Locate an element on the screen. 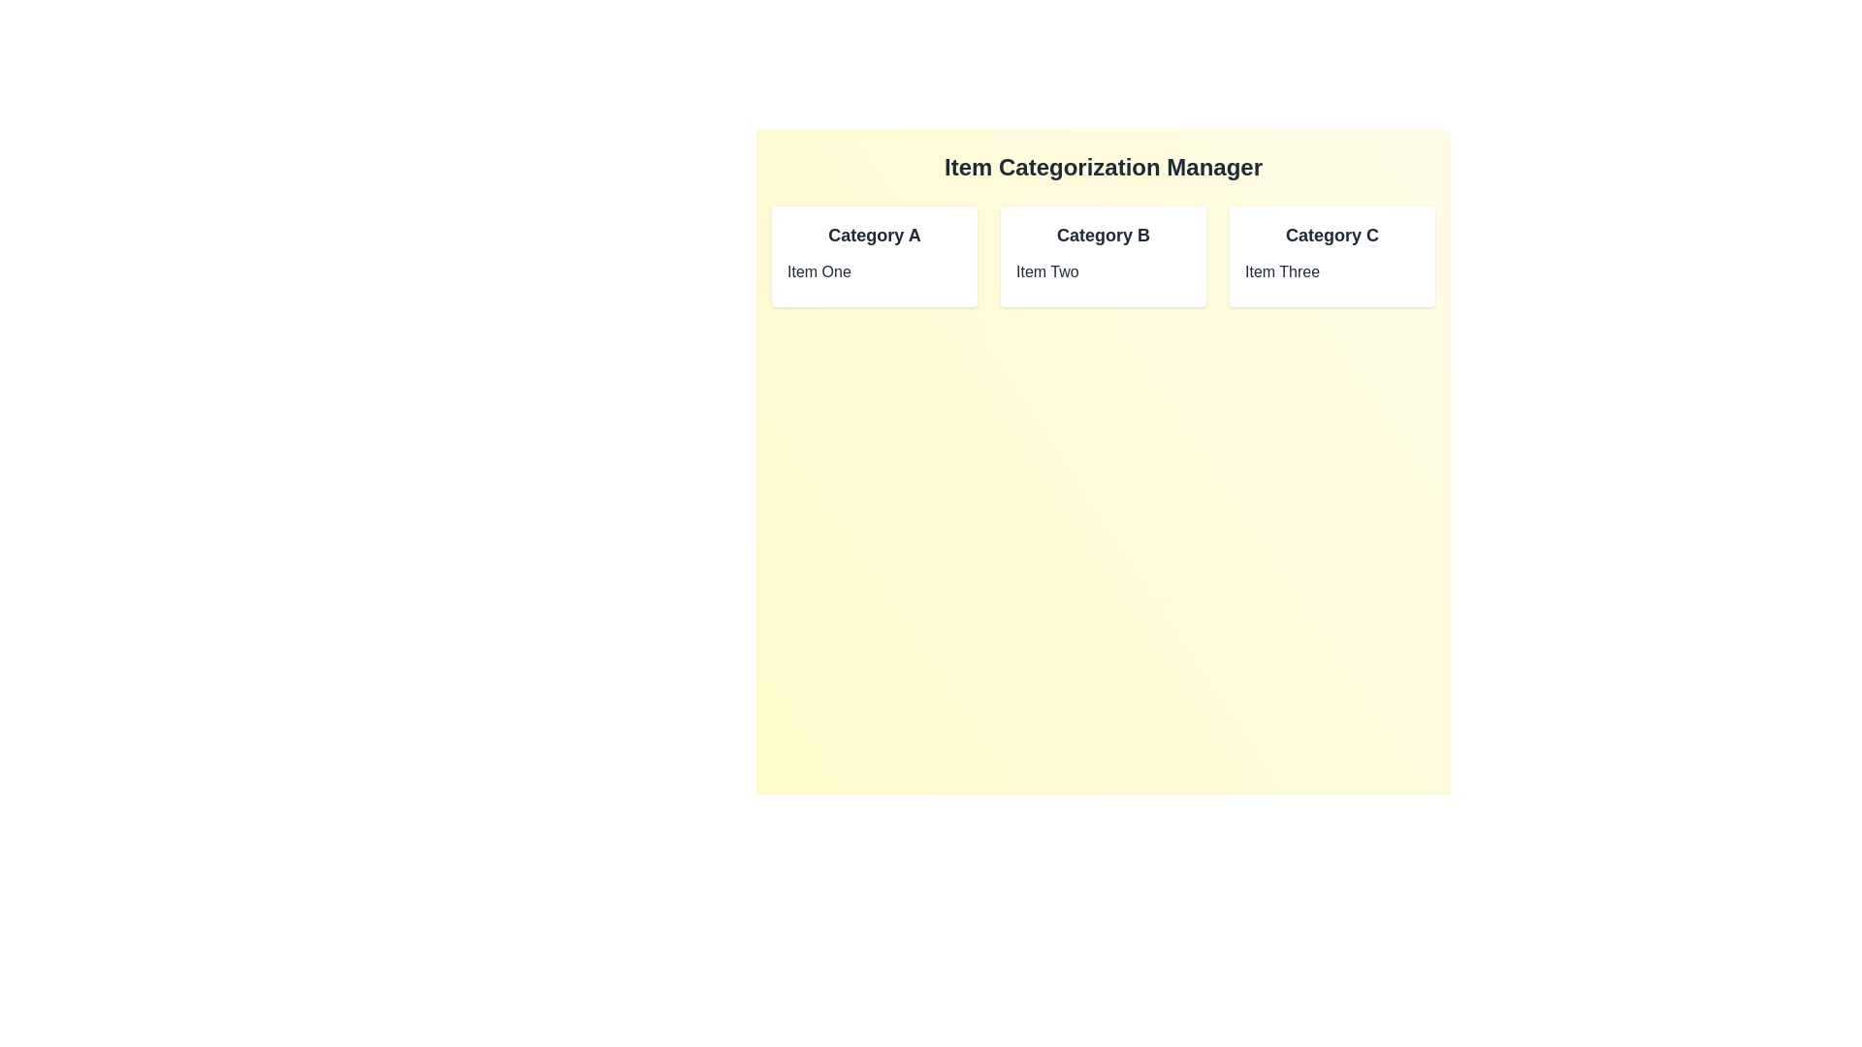 This screenshot has width=1862, height=1047. the title of category Category B to inspect its items is located at coordinates (1103, 235).